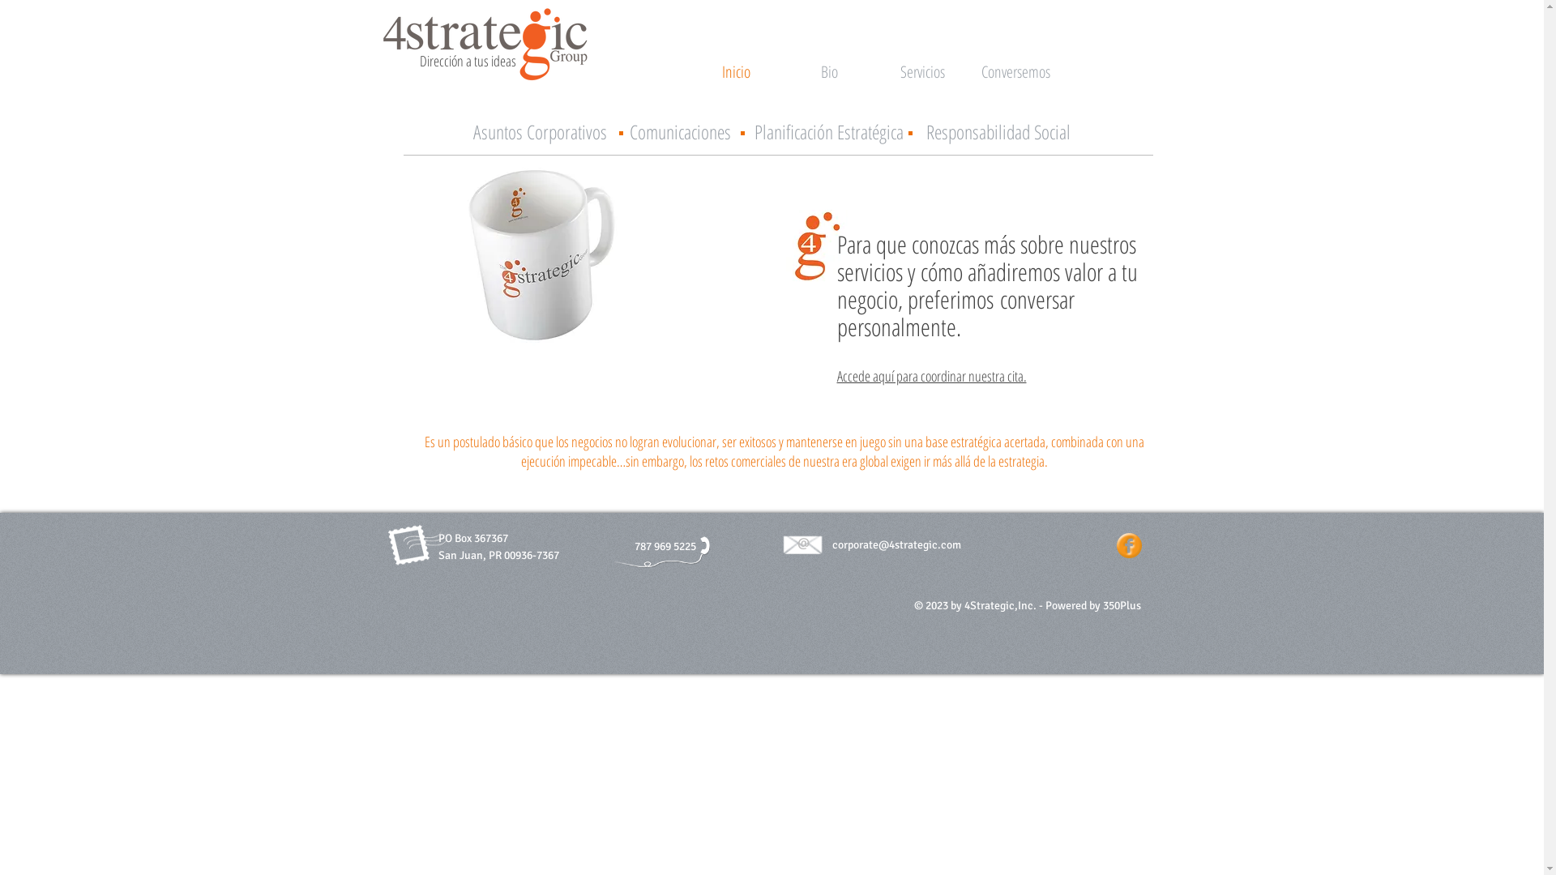 The image size is (1556, 875). I want to click on 'Conversemos', so click(1015, 70).